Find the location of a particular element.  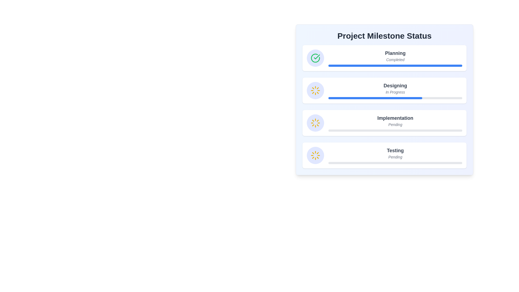

the icon representing the 'Designing' phase of the milestone completion process in the second row of the milestone status list is located at coordinates (315, 90).